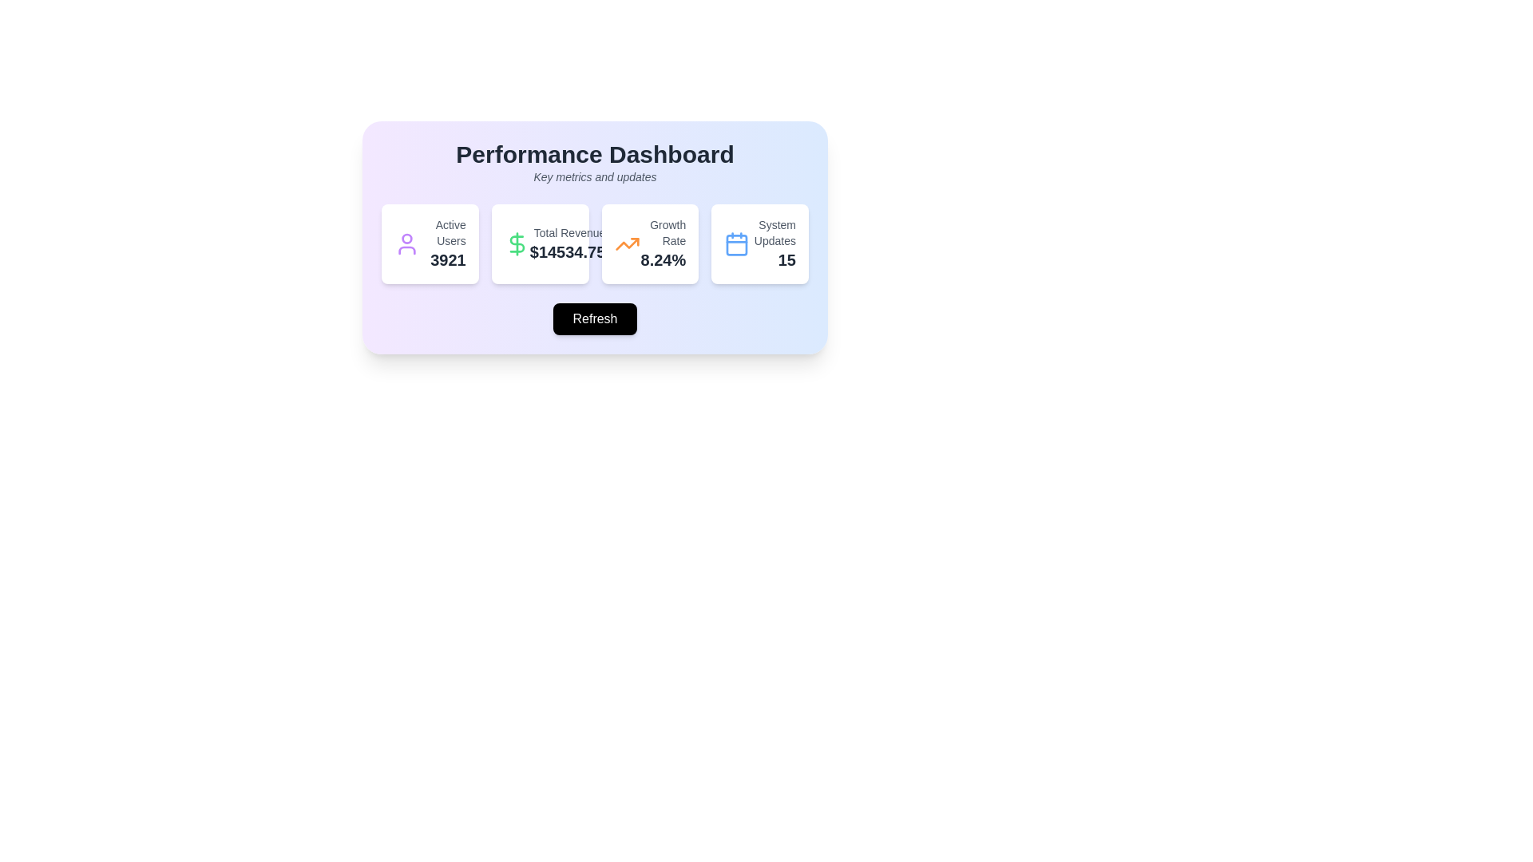  What do you see at coordinates (594, 177) in the screenshot?
I see `the text element styled in a small italicized font with a gray color that reads 'Key metrics and updates', located beneath 'Performance Dashboard'` at bounding box center [594, 177].